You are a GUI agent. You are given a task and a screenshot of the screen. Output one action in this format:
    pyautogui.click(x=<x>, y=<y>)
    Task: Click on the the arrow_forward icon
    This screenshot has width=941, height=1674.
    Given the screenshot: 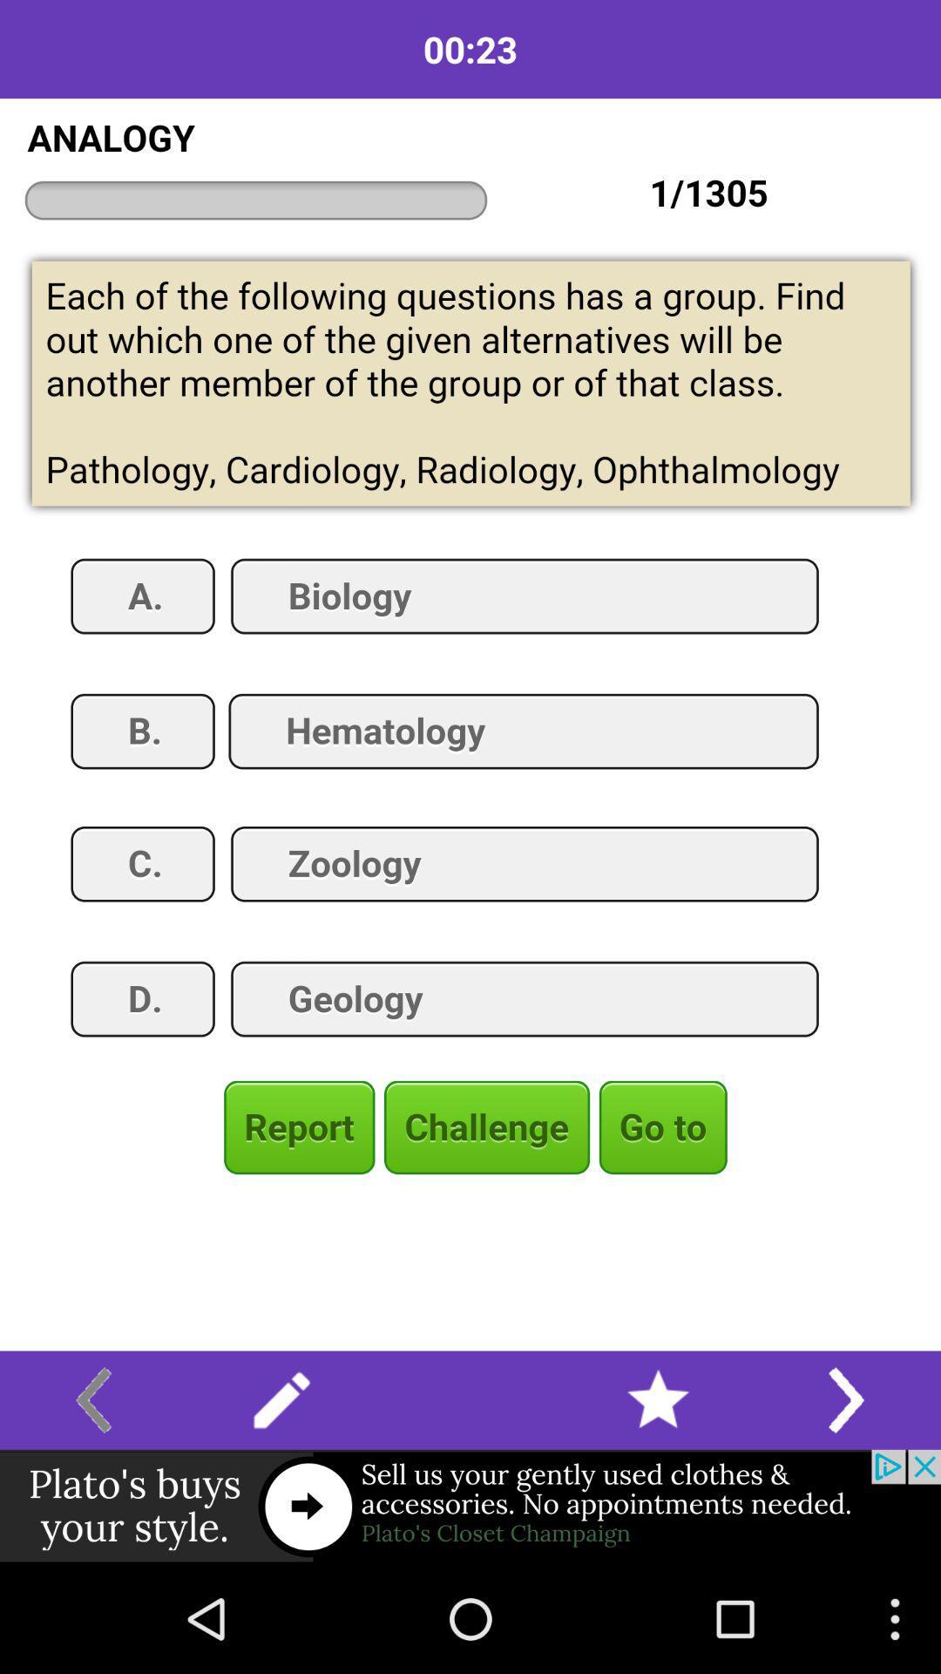 What is the action you would take?
    pyautogui.click(x=845, y=1497)
    